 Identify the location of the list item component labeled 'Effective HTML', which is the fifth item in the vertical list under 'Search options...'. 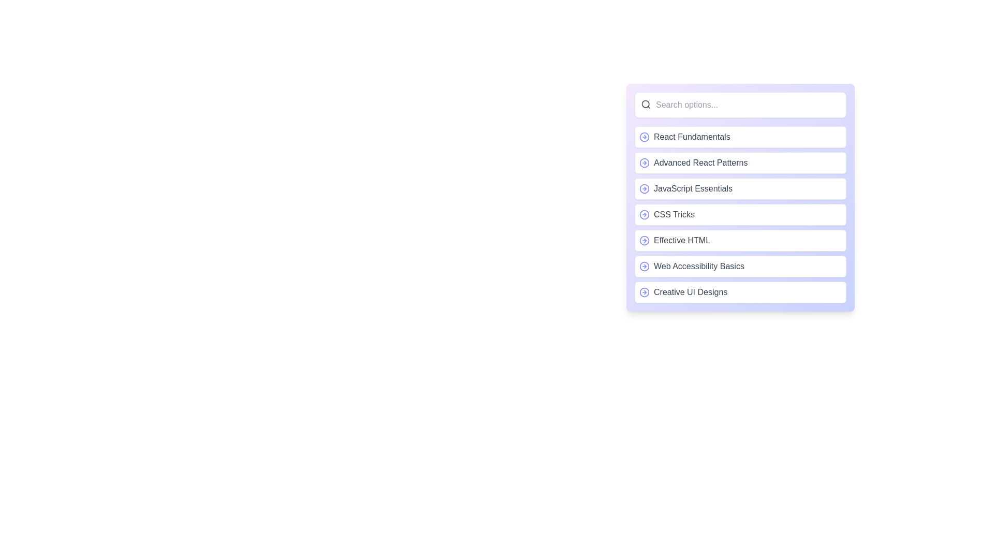
(740, 241).